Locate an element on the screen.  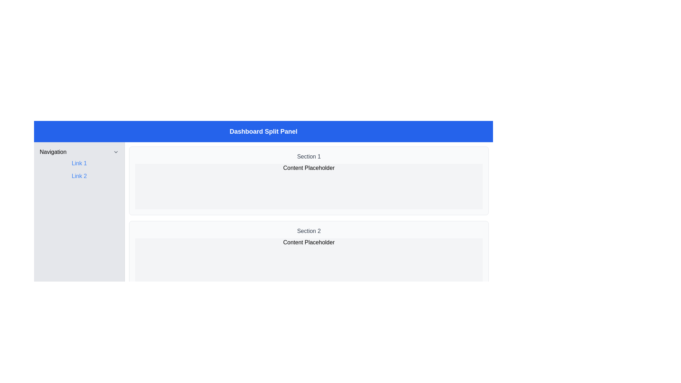
the first hyperlink in the navigation sidebar to change its styling is located at coordinates (79, 163).